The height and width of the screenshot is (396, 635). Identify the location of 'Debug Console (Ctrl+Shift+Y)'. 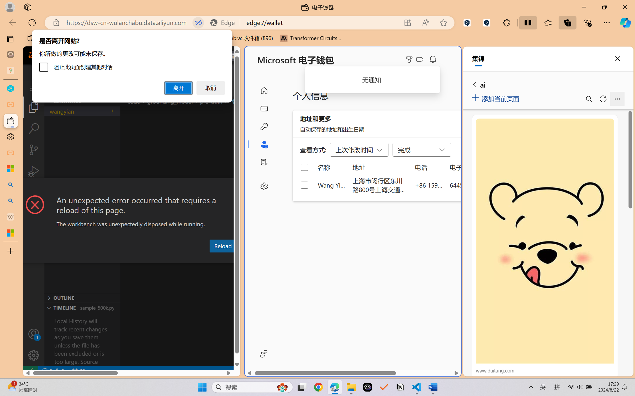
(212, 258).